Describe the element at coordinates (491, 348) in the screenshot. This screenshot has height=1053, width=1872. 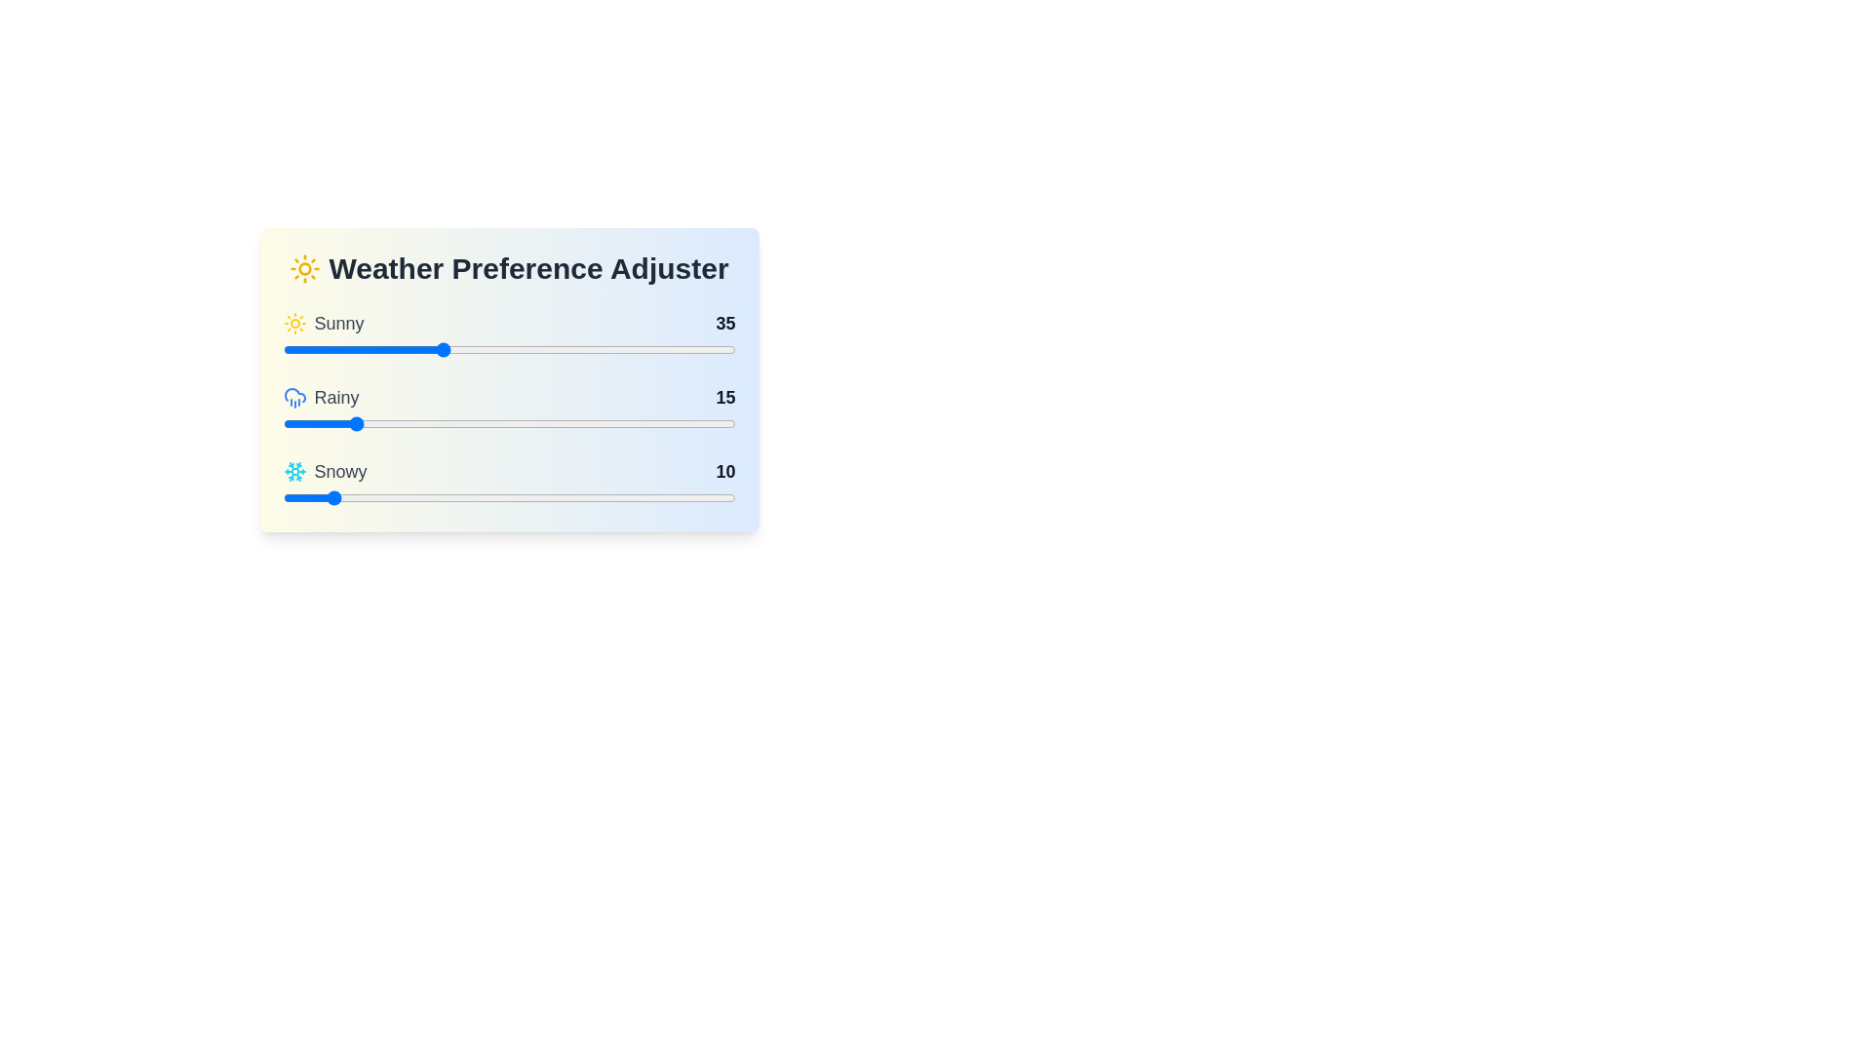
I see `the 'Sunny' slider to the specified value 46` at that location.